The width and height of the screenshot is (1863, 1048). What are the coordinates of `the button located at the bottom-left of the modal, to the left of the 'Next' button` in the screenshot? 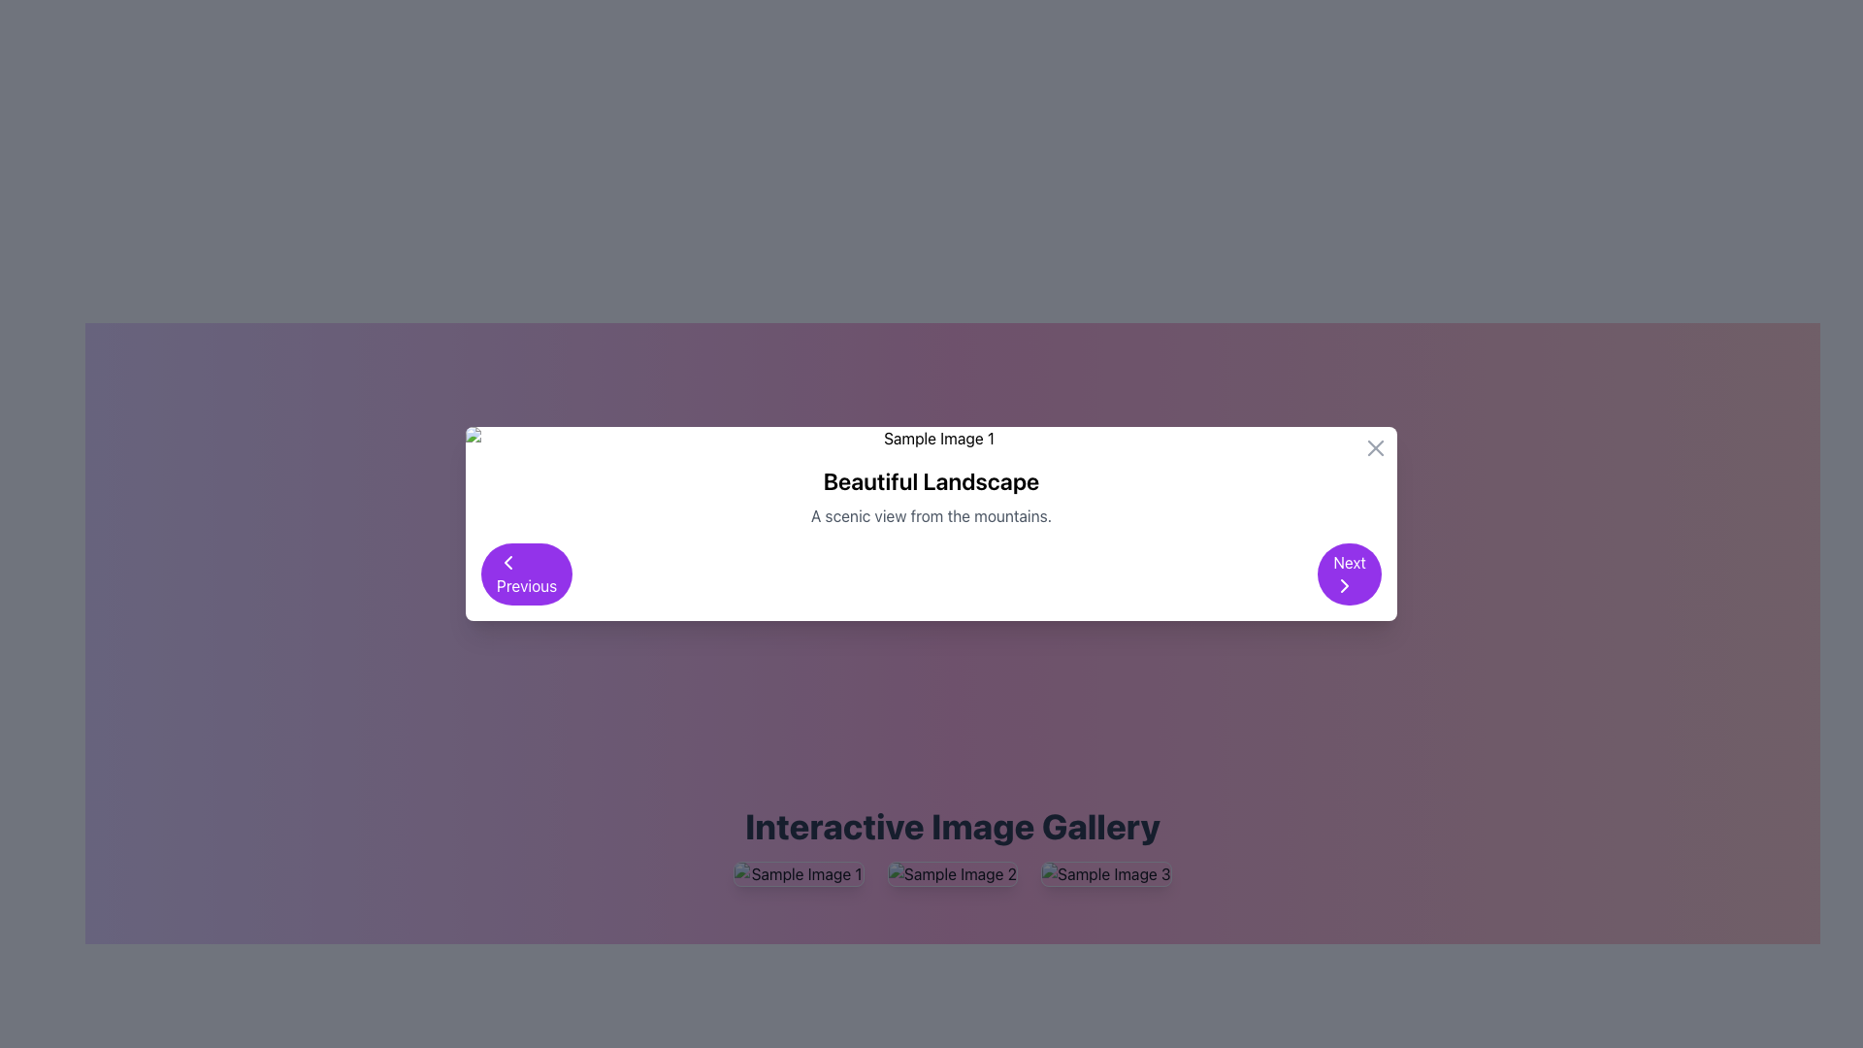 It's located at (527, 573).